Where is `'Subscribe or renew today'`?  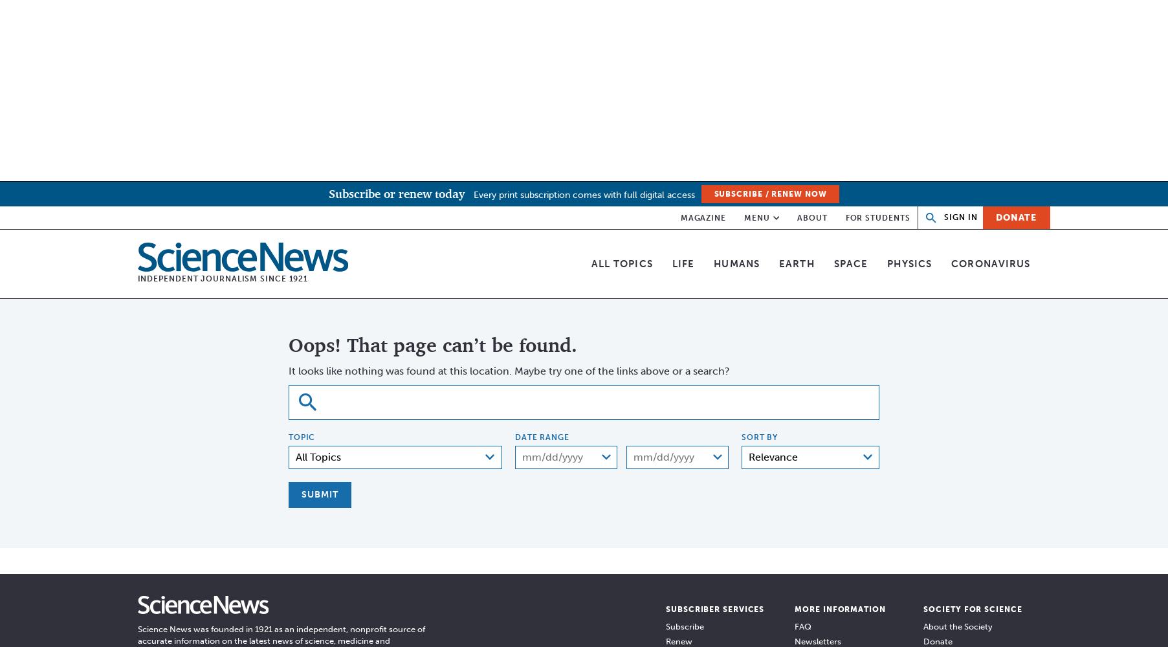
'Subscribe or renew today' is located at coordinates (395, 193).